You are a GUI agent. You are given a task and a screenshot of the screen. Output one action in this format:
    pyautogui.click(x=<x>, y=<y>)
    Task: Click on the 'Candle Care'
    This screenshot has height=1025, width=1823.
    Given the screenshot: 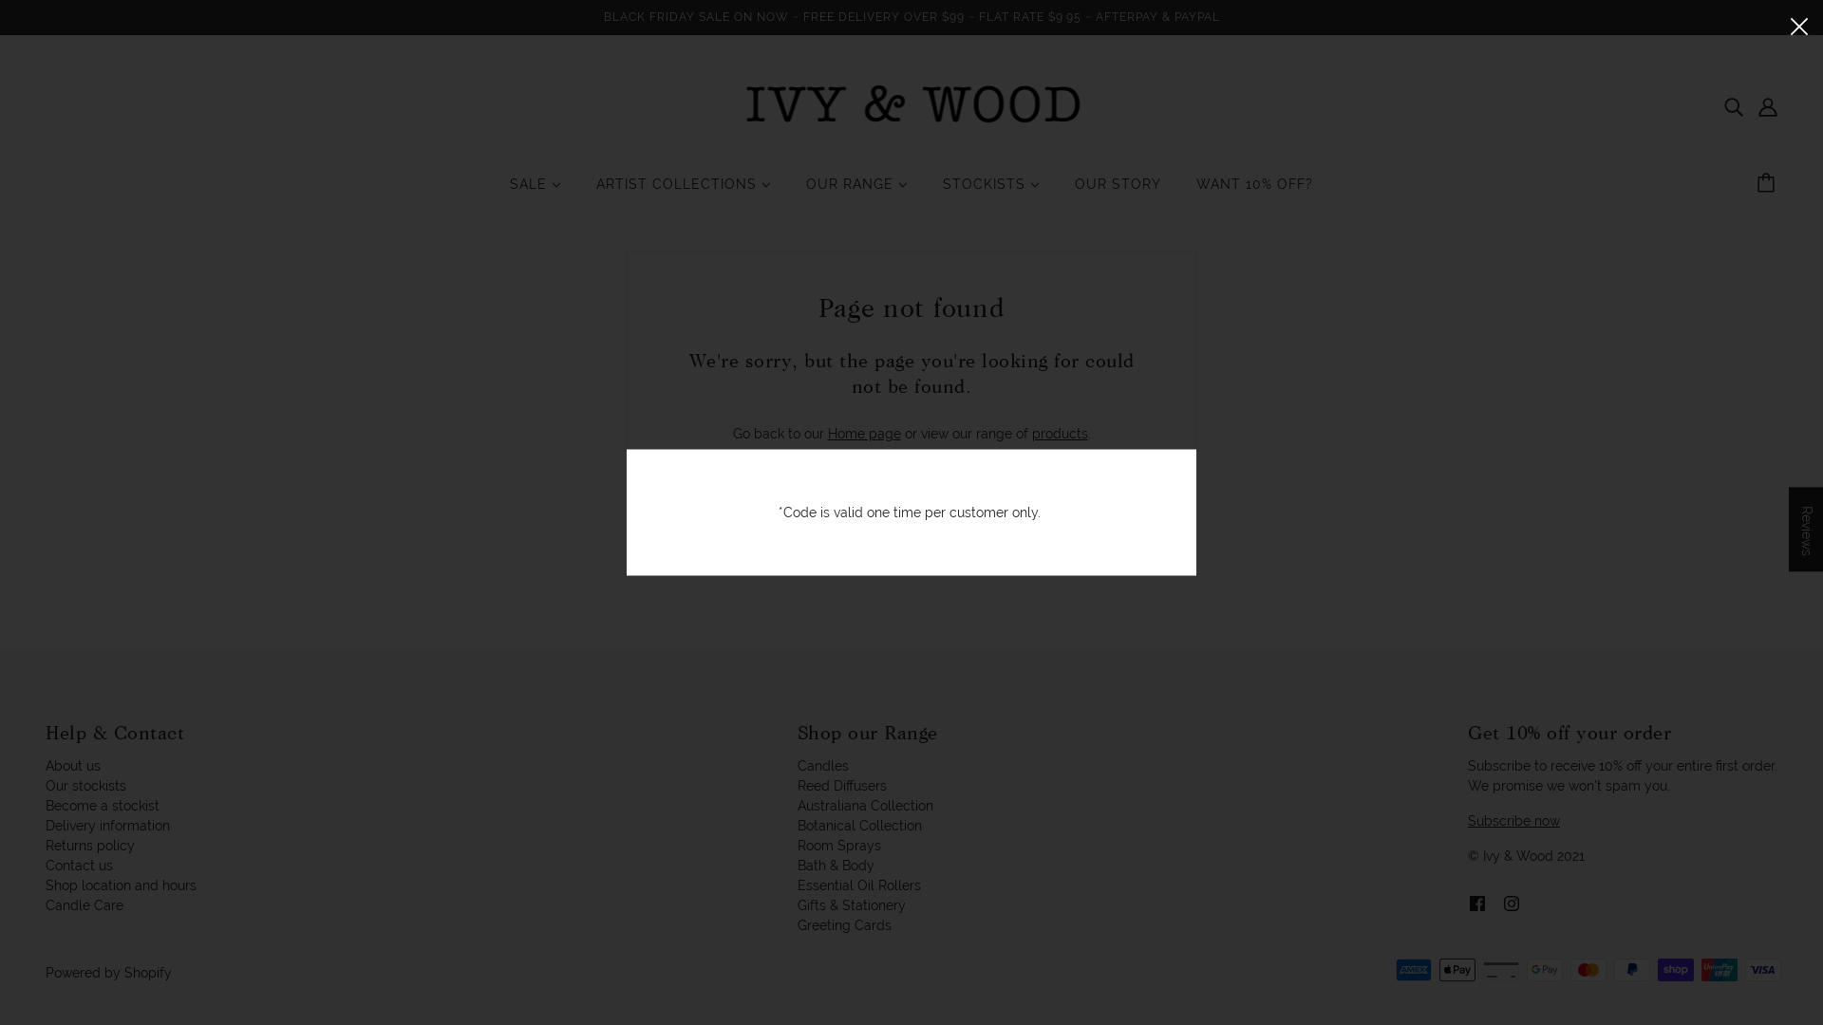 What is the action you would take?
    pyautogui.click(x=84, y=904)
    